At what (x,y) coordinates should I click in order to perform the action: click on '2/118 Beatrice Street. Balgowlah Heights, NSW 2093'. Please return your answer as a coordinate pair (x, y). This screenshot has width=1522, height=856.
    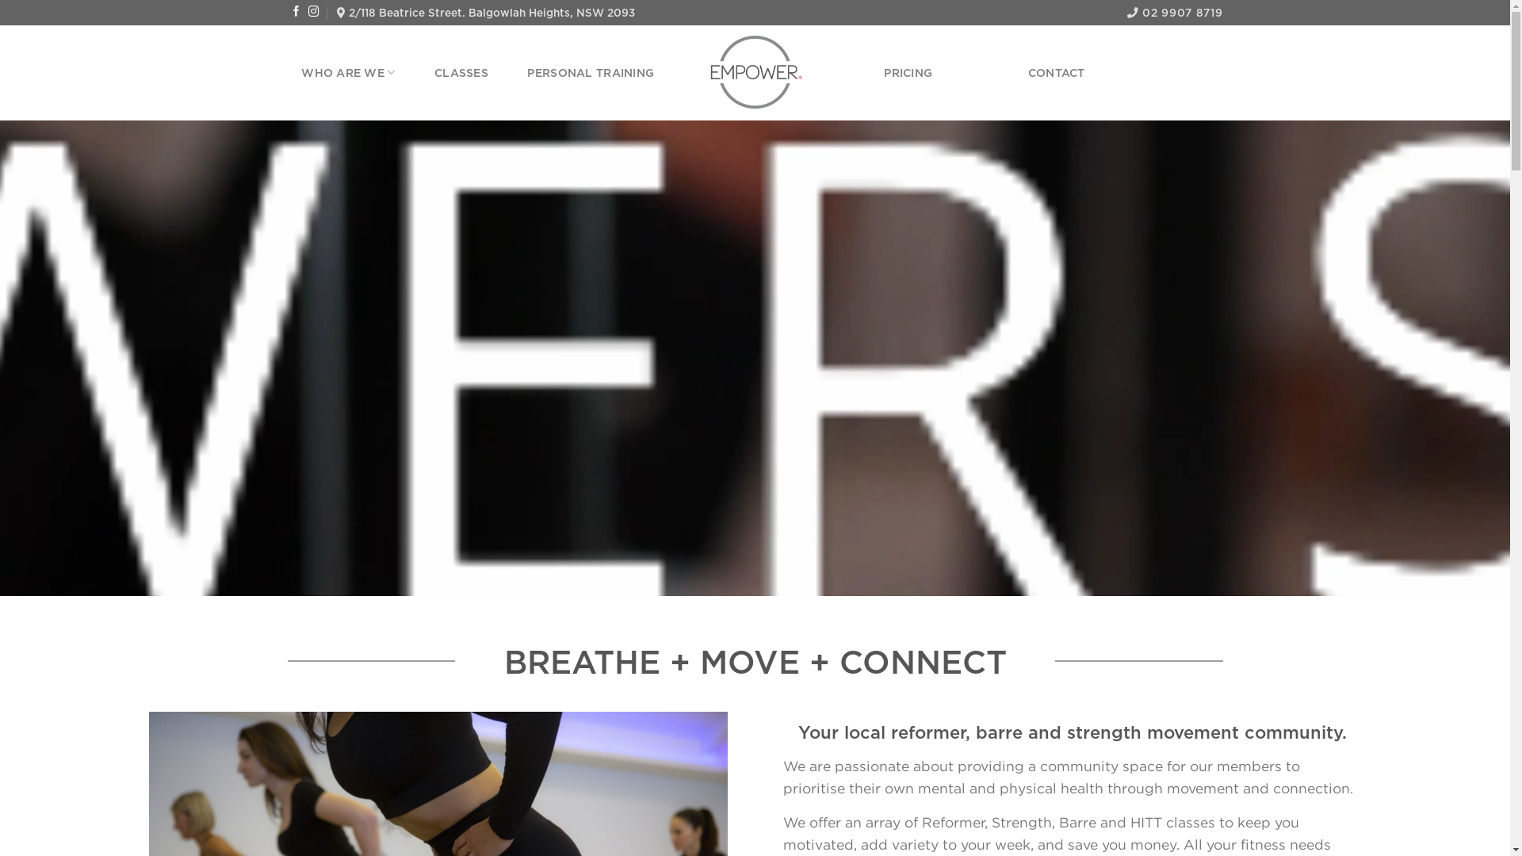
    Looking at the image, I should click on (485, 12).